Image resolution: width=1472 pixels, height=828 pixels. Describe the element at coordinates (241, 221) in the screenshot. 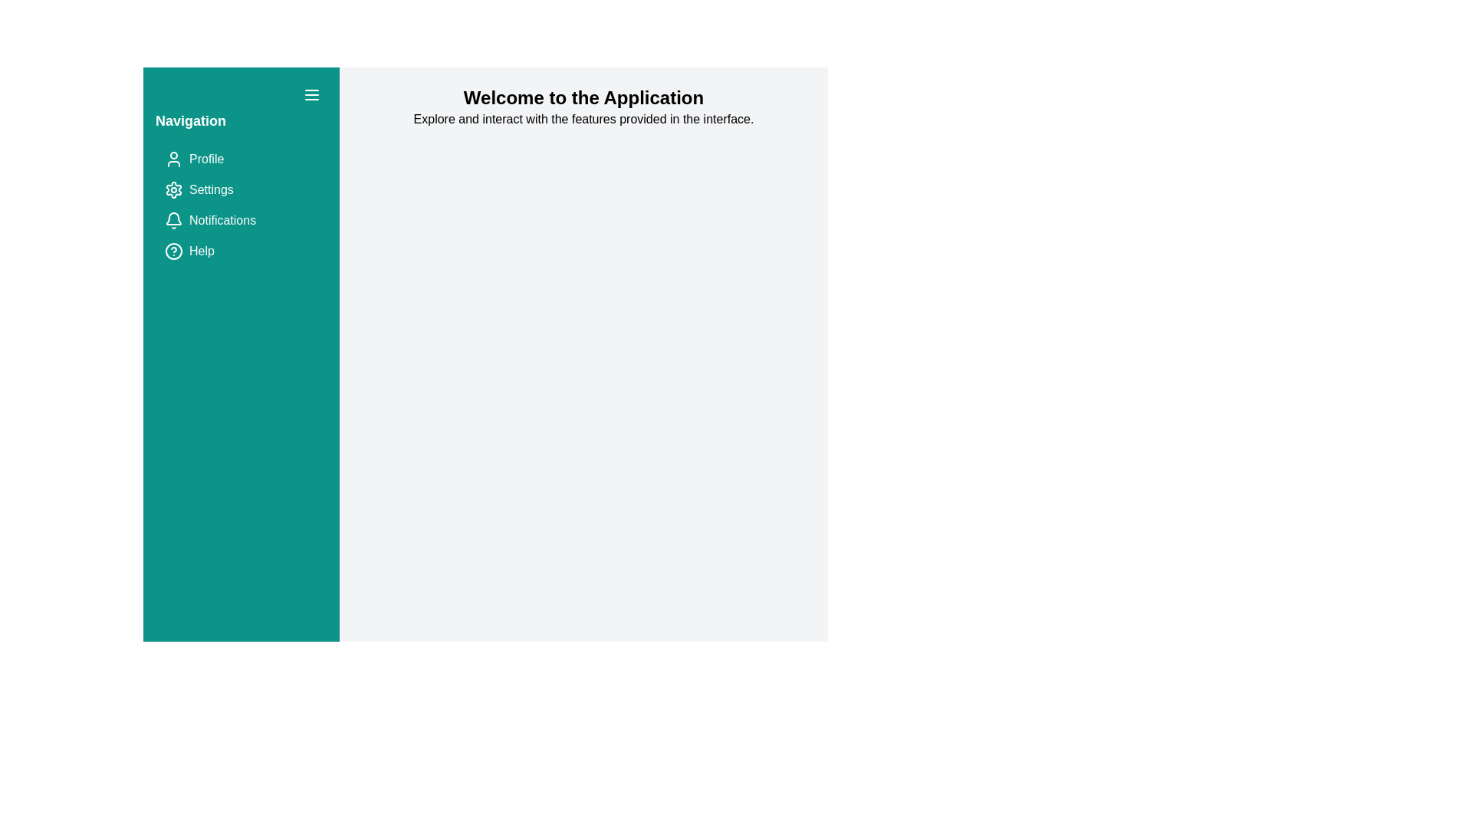

I see `the navigation item Notifications to navigate to the respective section` at that location.